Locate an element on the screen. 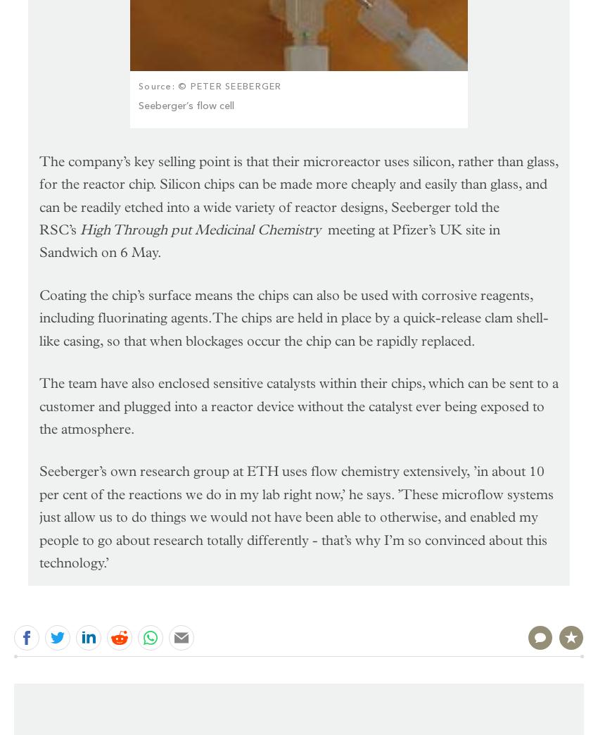 The width and height of the screenshot is (598, 735). 'The company’s key selling point is that their microreactor uses silicon, rather than glass, for the reactor chip. Silicon chips can be made more cheaply and easily than glass, and can be readily etched into a wide variety of reactor designs, Seeberger told the RSC’s' is located at coordinates (299, 194).